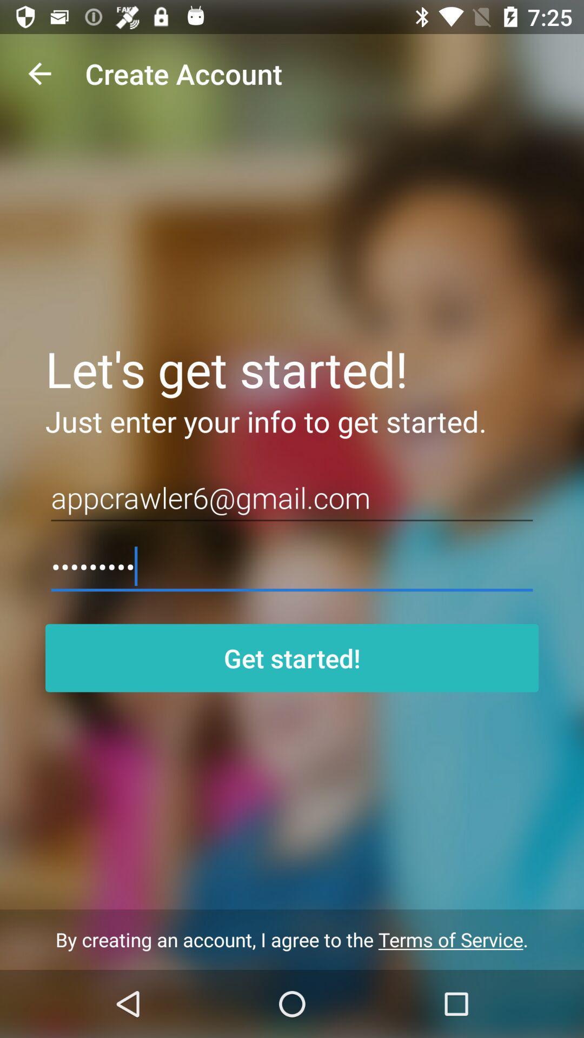 The width and height of the screenshot is (584, 1038). Describe the element at coordinates (292, 497) in the screenshot. I see `appcrawler6@gmail.com icon` at that location.